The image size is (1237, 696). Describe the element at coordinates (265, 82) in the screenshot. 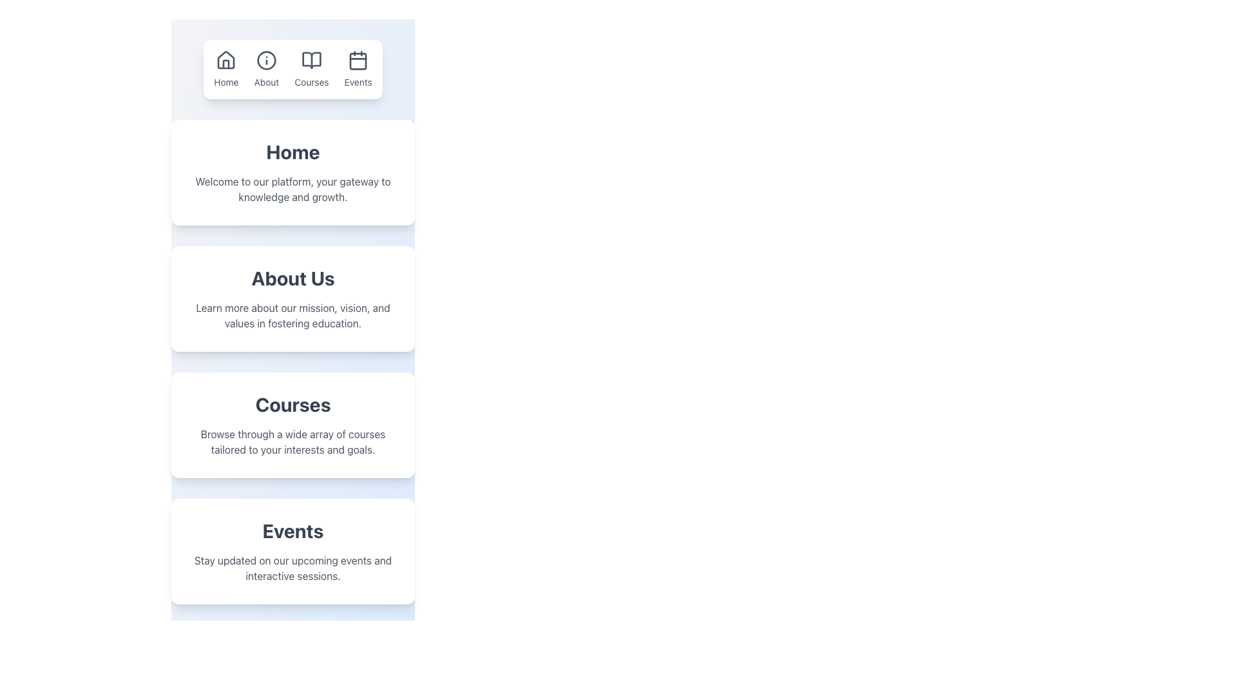

I see `the 'About' label element in the navigation menu, which is styled in a smaller sans-serif font and positioned between 'Home' and 'Courses'` at that location.